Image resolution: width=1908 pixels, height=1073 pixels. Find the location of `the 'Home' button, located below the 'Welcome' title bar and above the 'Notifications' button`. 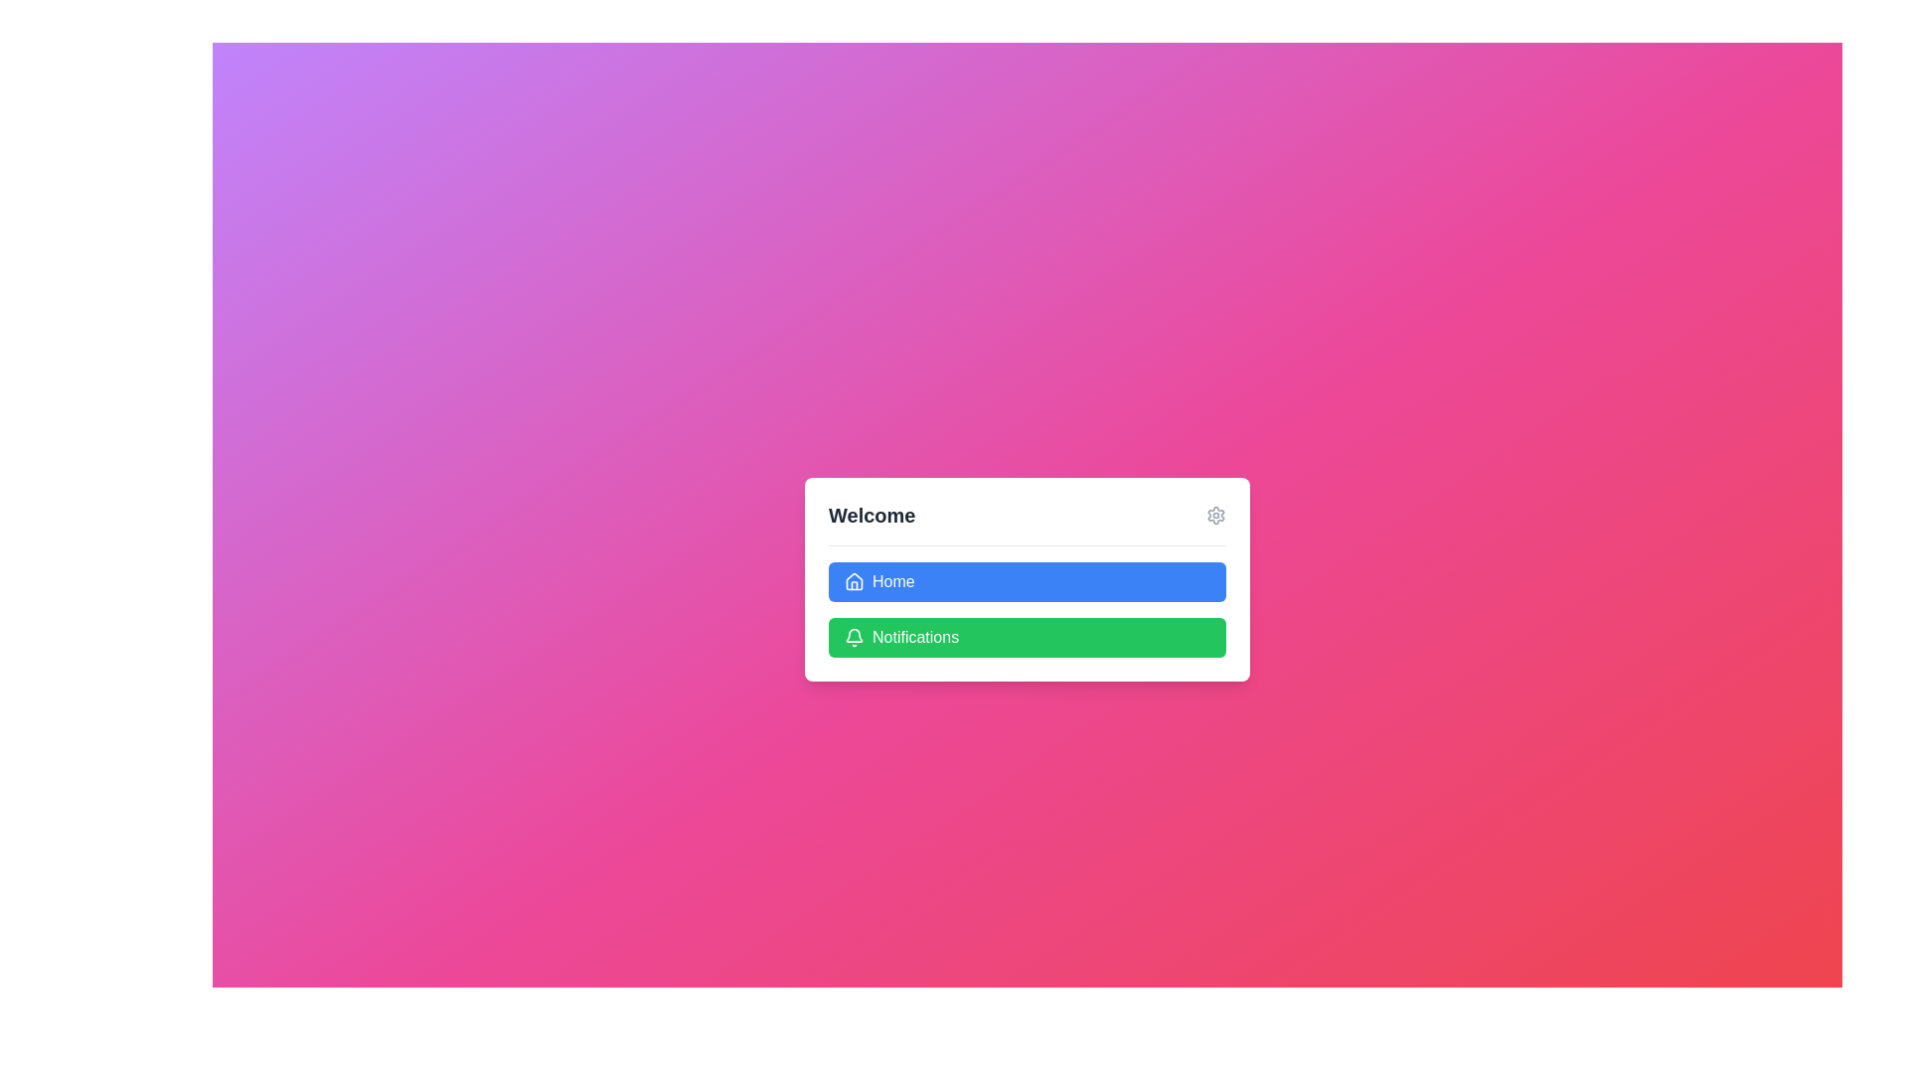

the 'Home' button, located below the 'Welcome' title bar and above the 'Notifications' button is located at coordinates (1027, 578).